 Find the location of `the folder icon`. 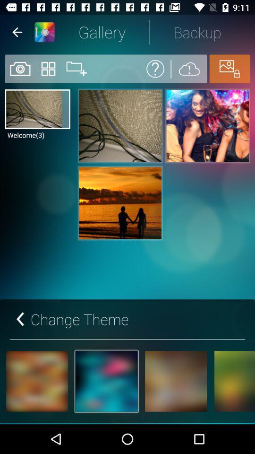

the folder icon is located at coordinates (76, 68).